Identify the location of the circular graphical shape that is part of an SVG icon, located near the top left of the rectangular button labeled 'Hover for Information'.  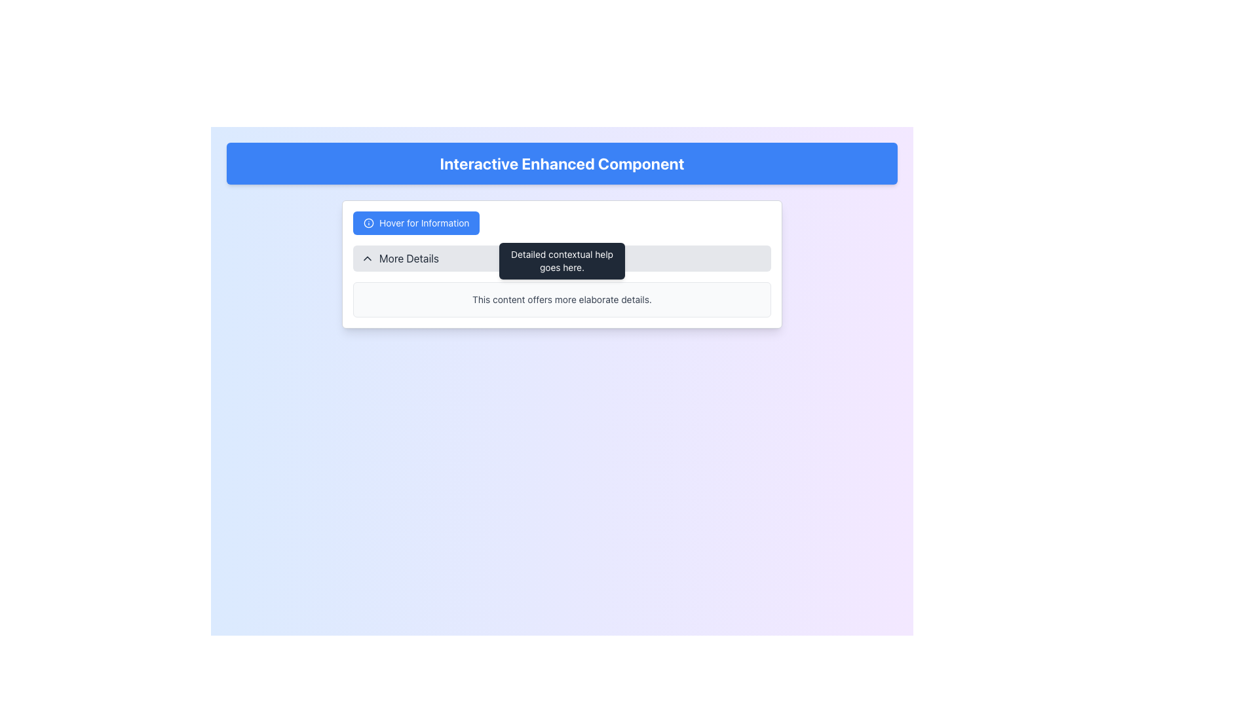
(368, 222).